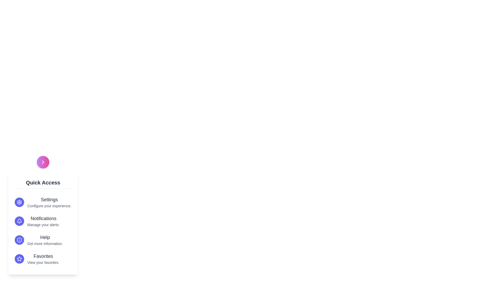 The image size is (504, 283). Describe the element at coordinates (43, 221) in the screenshot. I see `the 'Notifications' option in the menu` at that location.